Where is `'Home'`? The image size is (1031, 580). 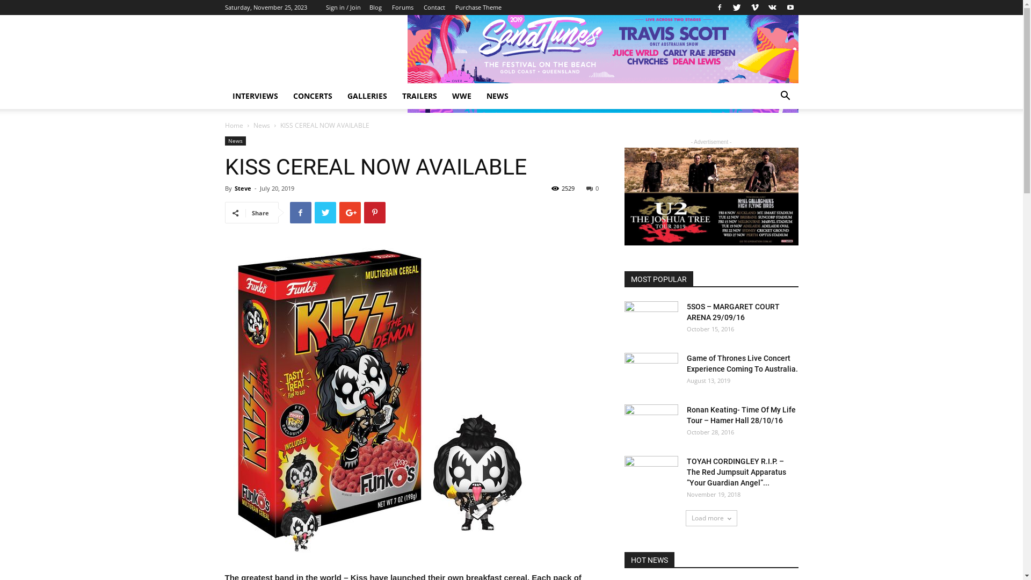
'Home' is located at coordinates (223, 125).